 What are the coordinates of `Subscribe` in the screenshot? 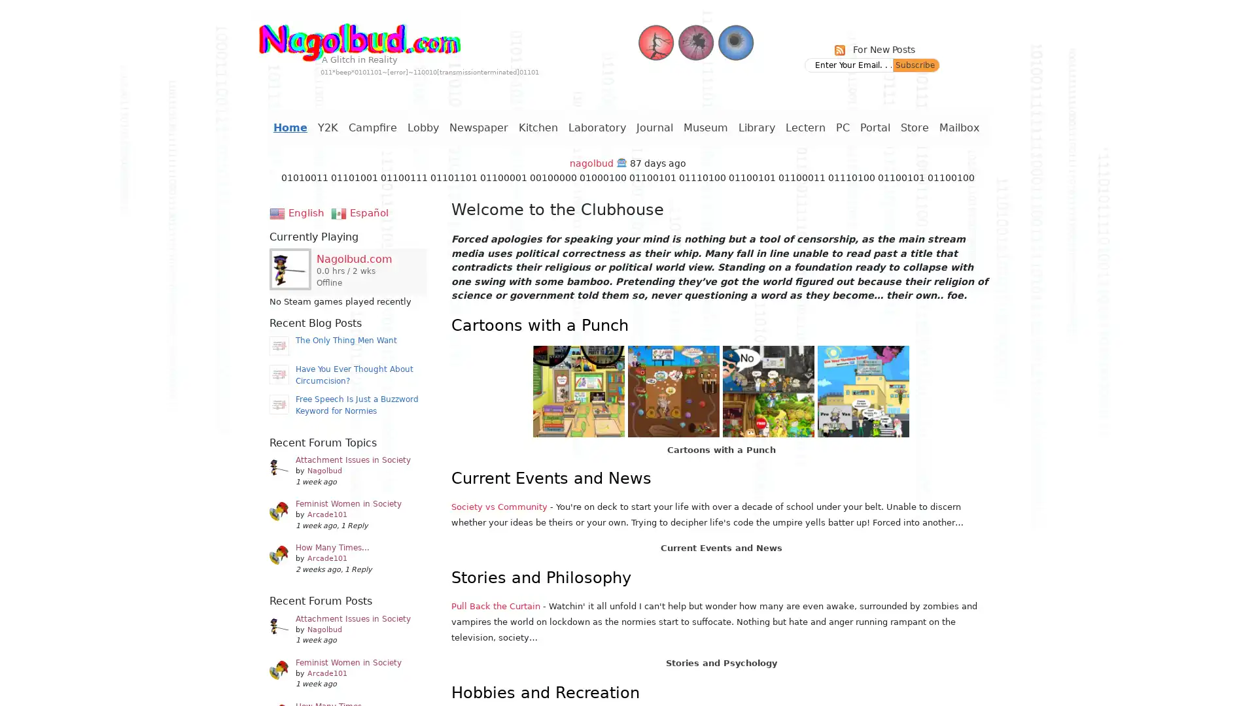 It's located at (916, 65).